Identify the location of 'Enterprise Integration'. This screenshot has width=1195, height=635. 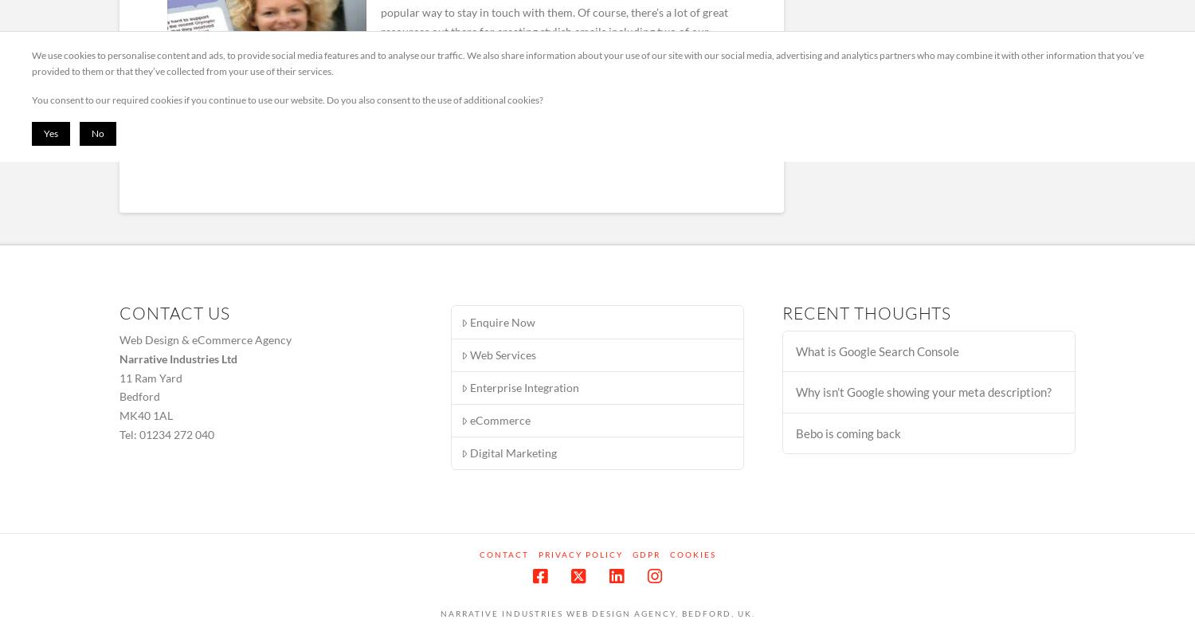
(524, 386).